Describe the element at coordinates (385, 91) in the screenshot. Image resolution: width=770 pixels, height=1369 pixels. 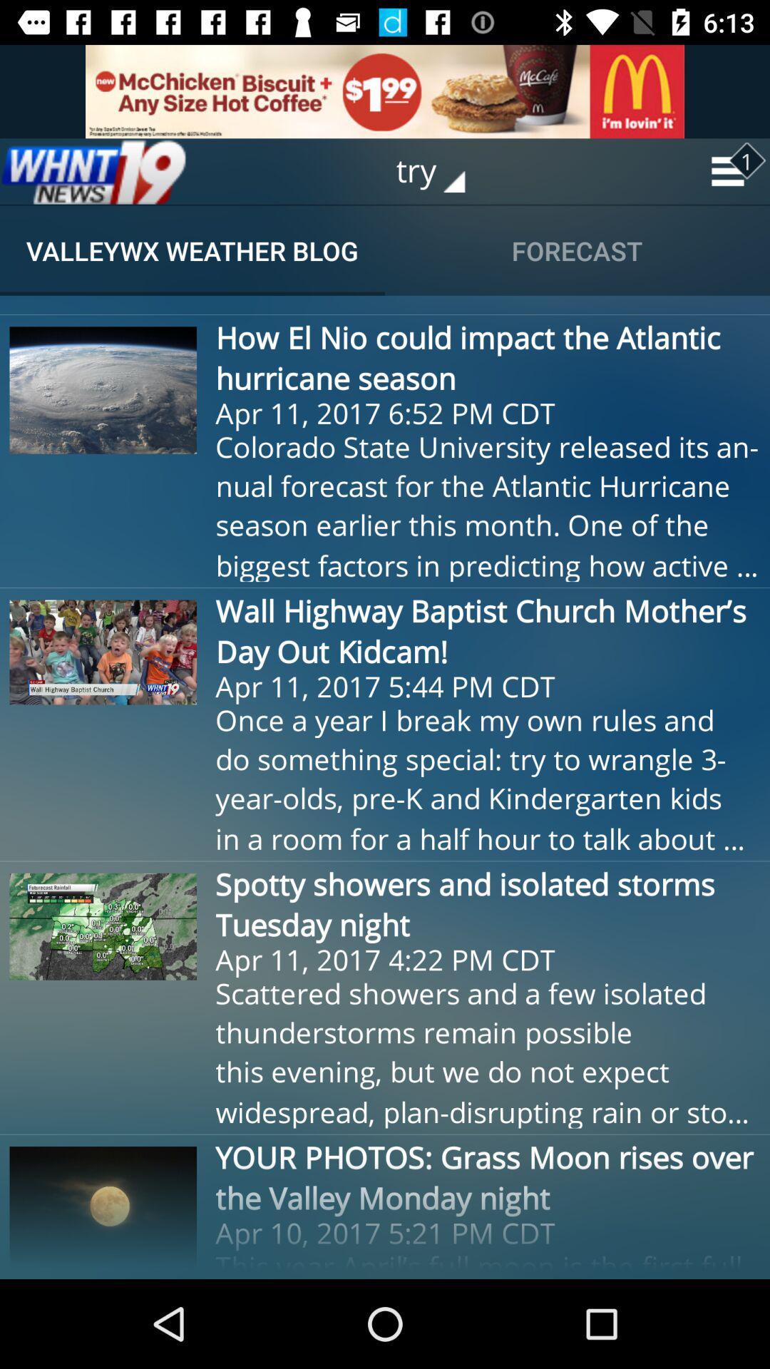
I see `open advertisement` at that location.